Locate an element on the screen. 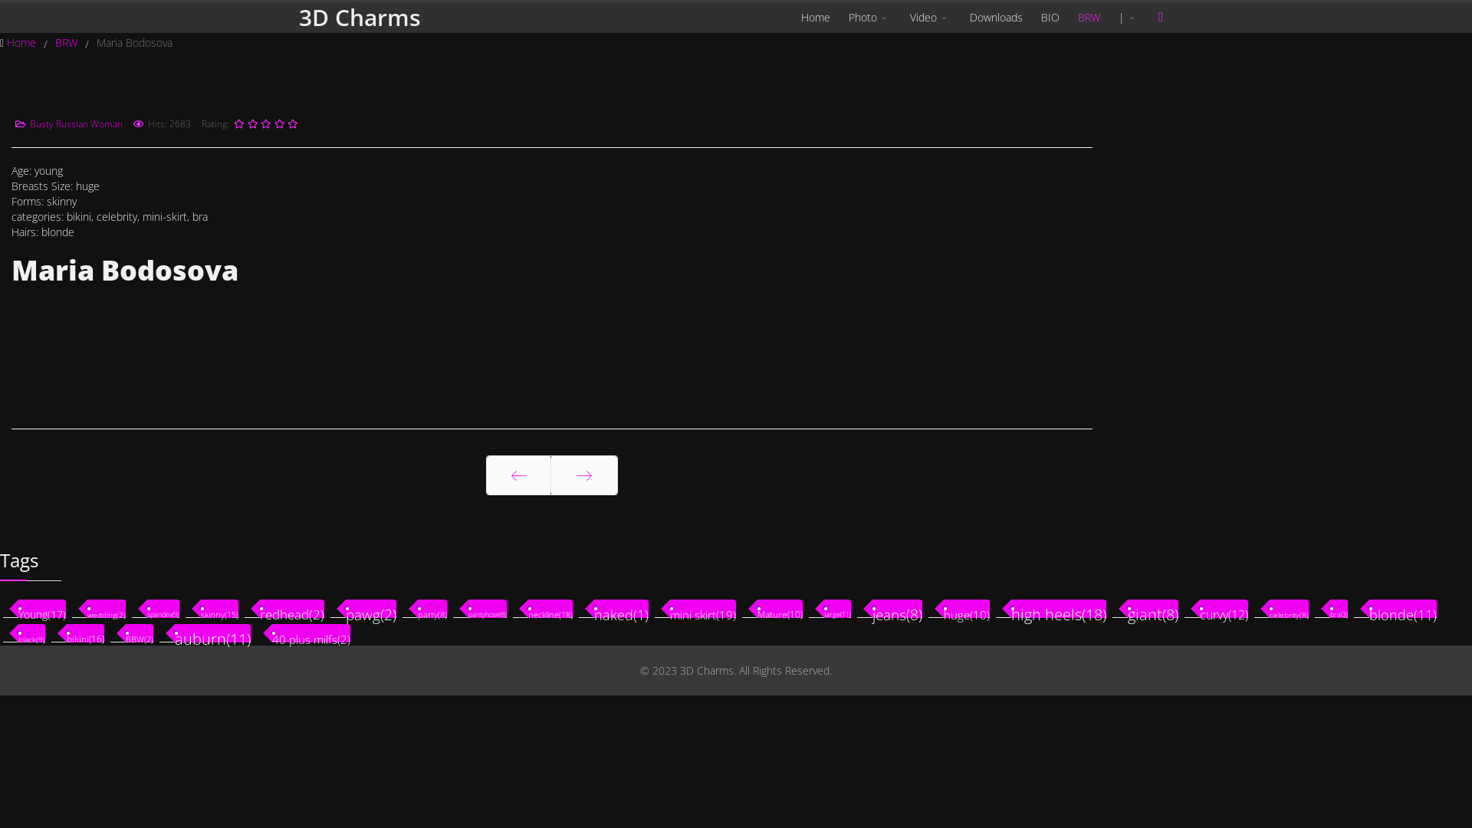 This screenshot has height=828, width=1472. 'mini skirt(19)' is located at coordinates (701, 608).